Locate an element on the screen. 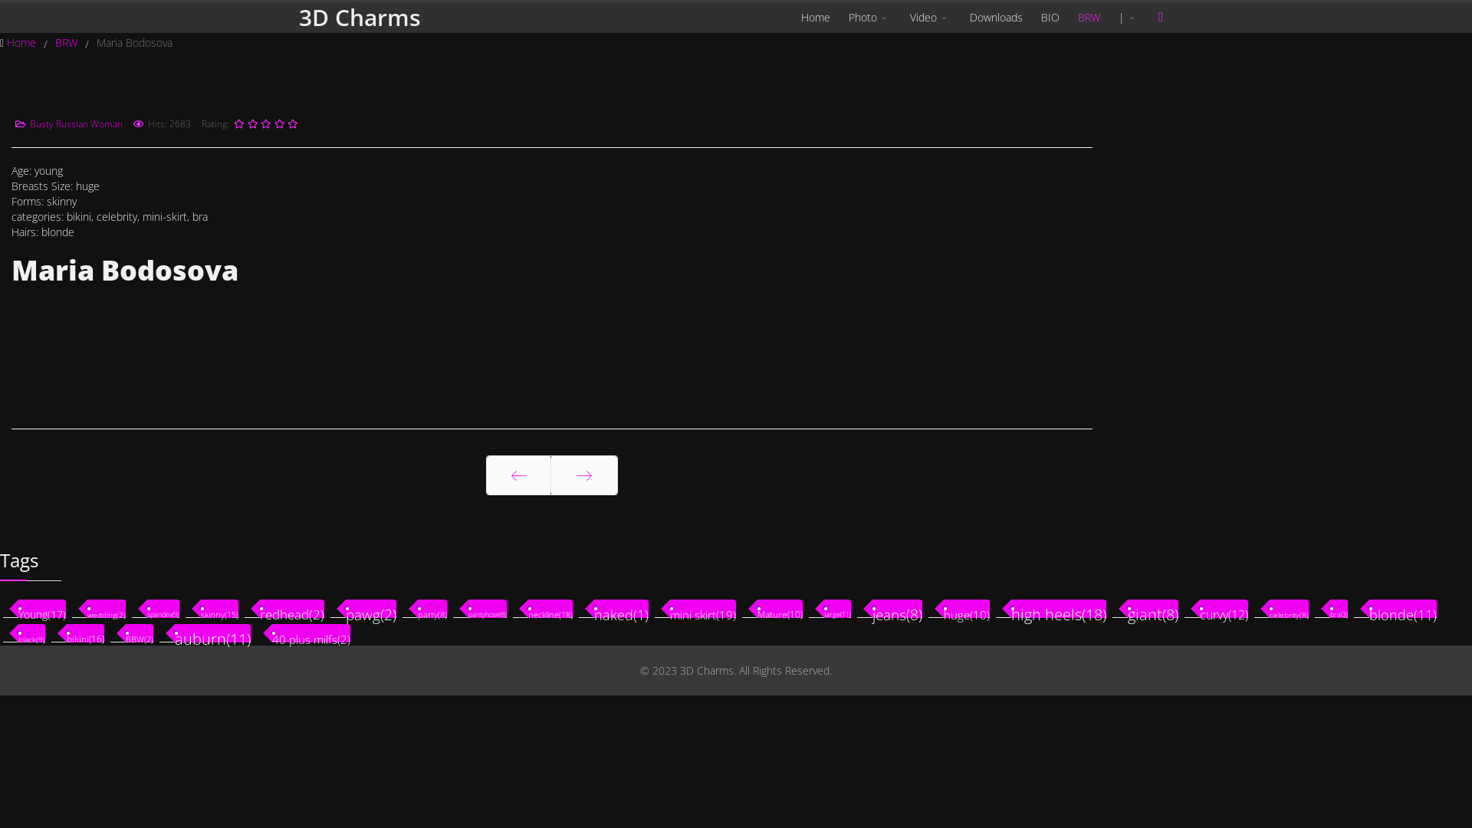 This screenshot has height=828, width=1472. 'mini skirt(19)' is located at coordinates (701, 608).